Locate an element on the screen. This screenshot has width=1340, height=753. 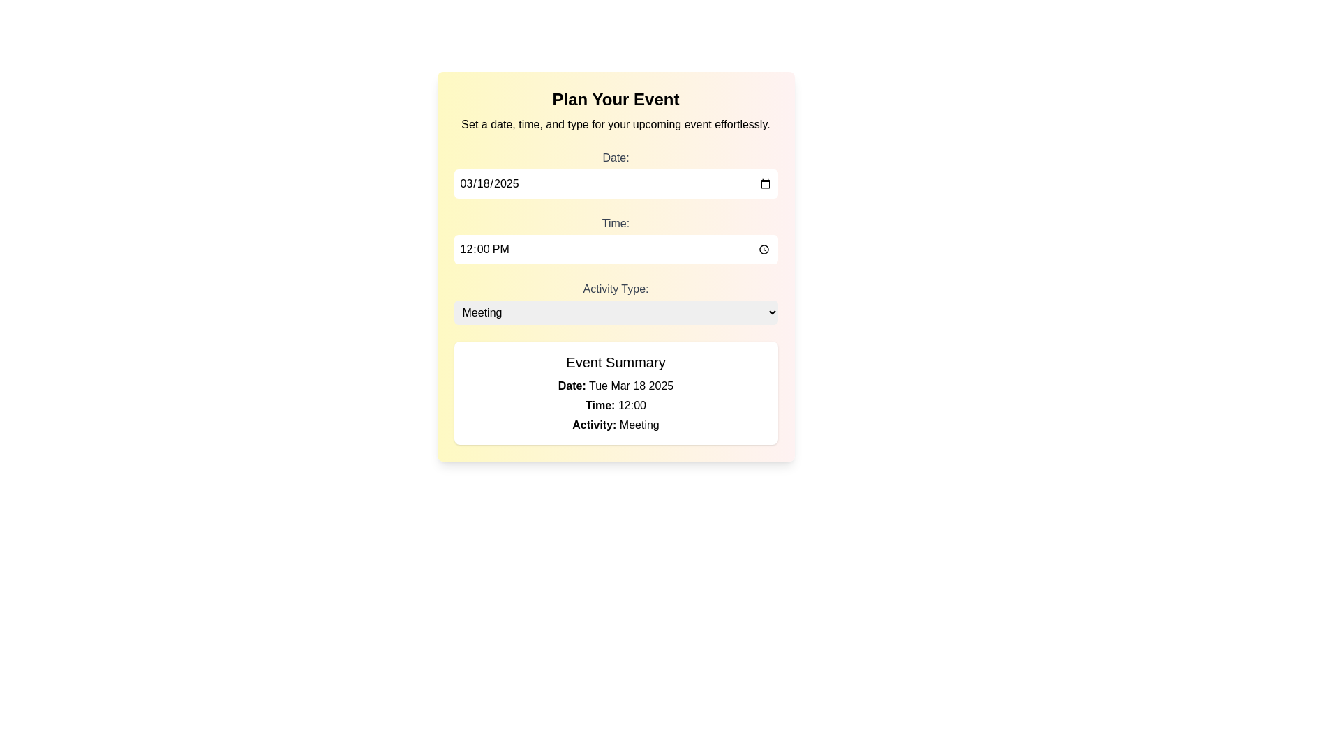
the Text Display element that shows 'Date: Tue Mar 18 2025' in the 'Event Summary' section is located at coordinates (615, 386).